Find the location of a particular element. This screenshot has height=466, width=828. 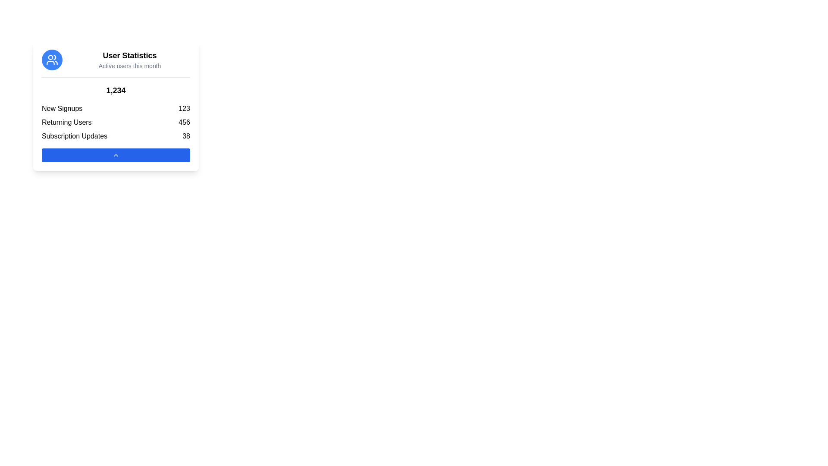

the Separator line that visually separates content within the card, located beneath 'Active users this month' and above '1,234' is located at coordinates (115, 77).